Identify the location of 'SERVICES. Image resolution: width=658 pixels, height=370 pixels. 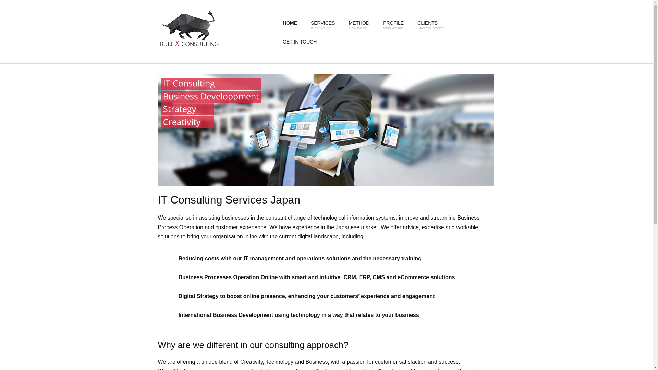
(322, 24).